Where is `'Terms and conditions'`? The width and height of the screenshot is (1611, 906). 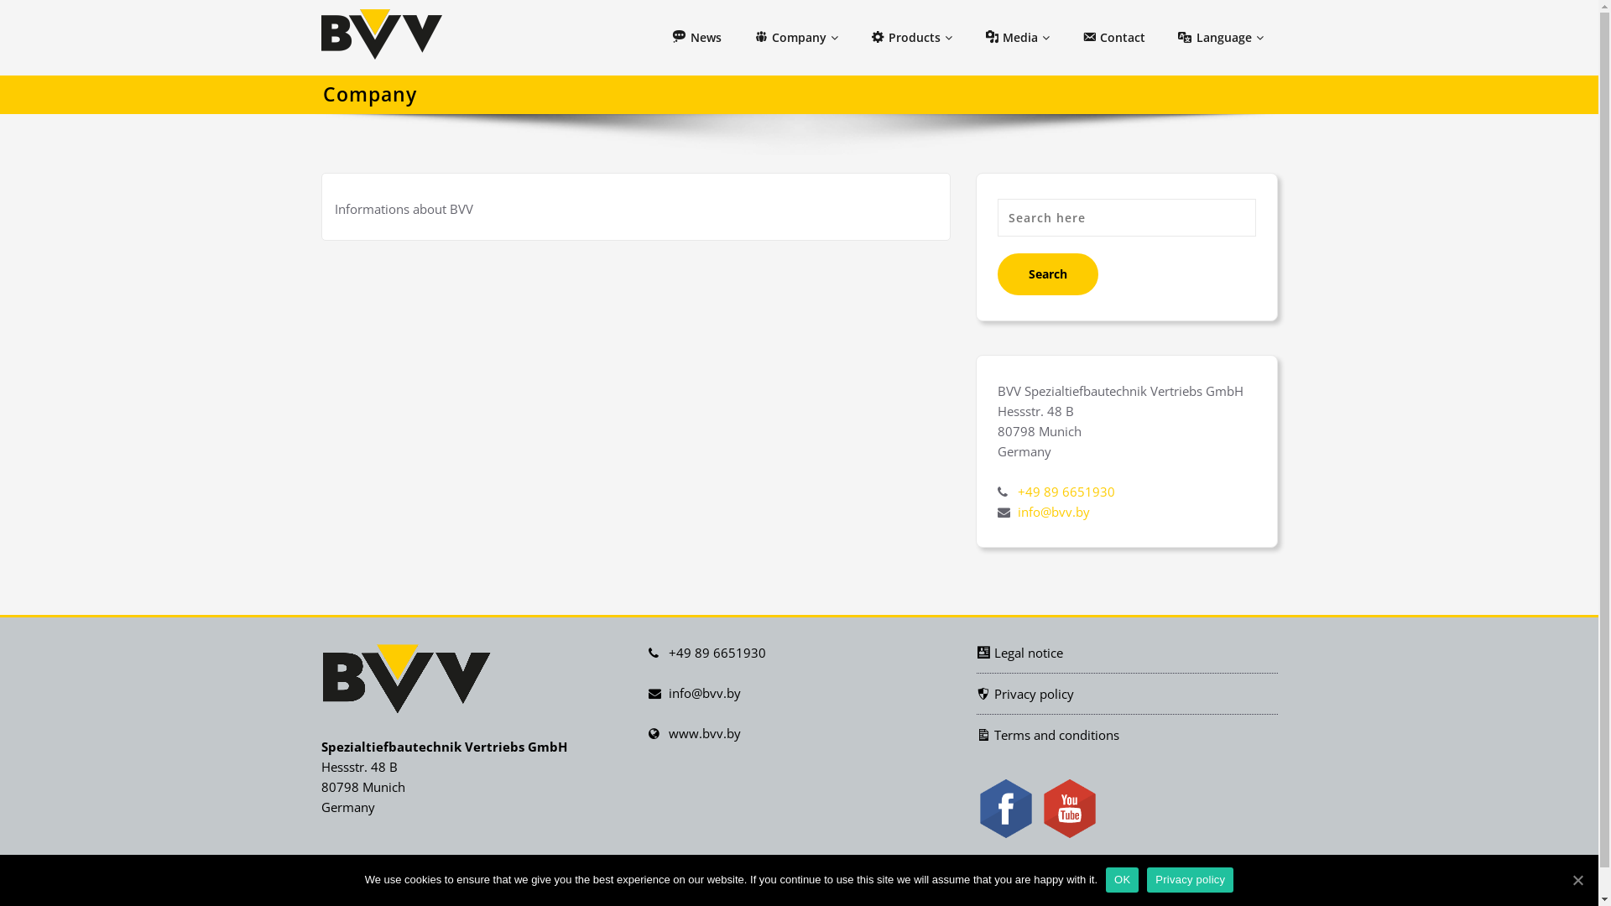
'Terms and conditions' is located at coordinates (1046, 733).